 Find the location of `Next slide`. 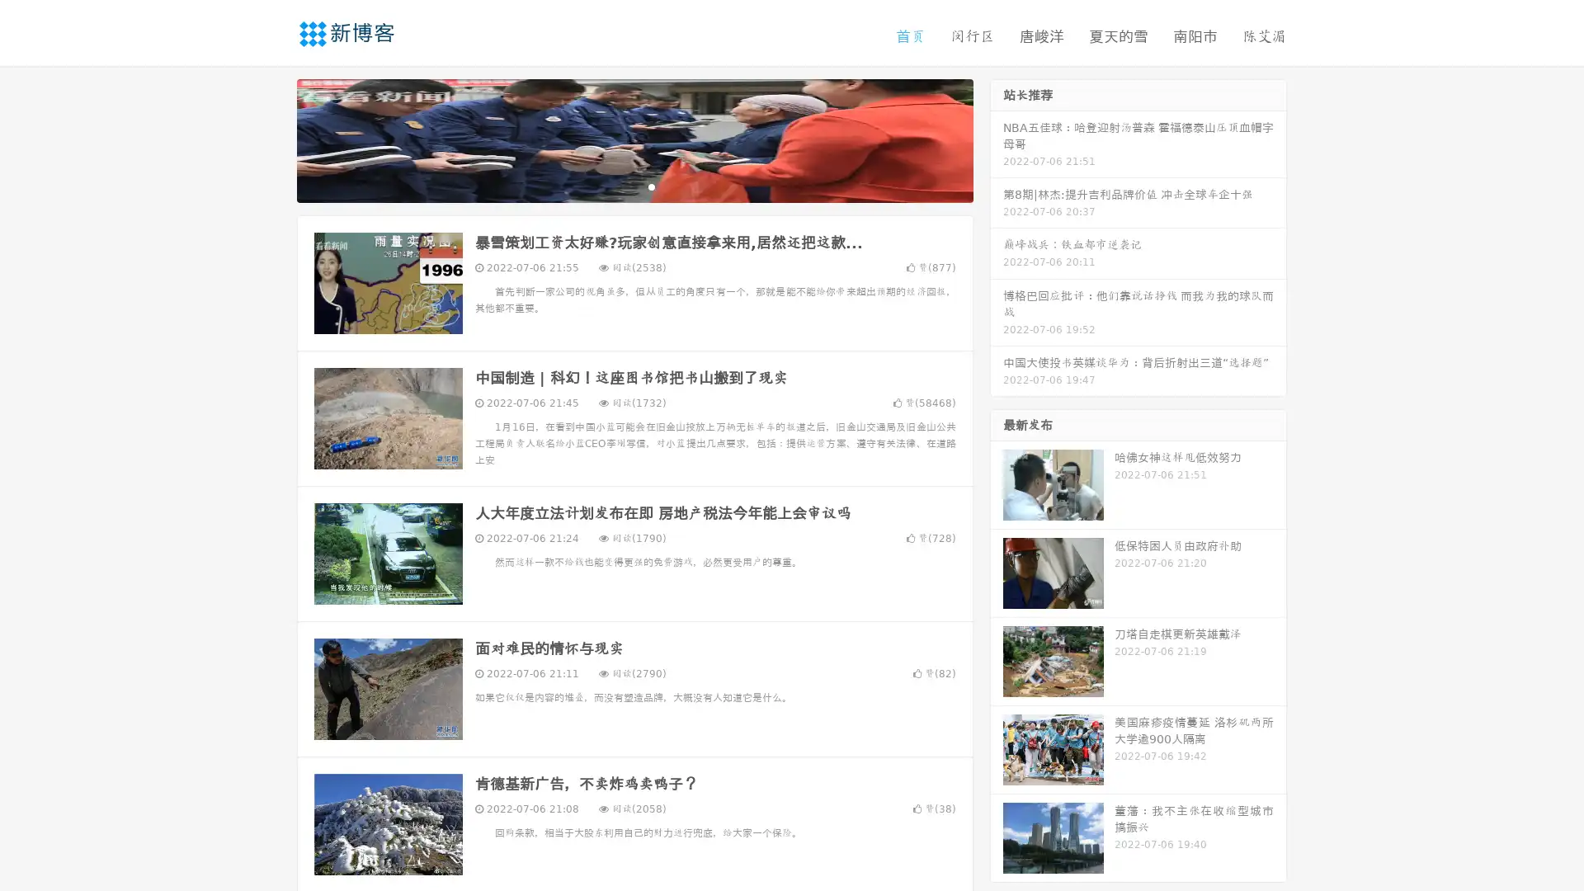

Next slide is located at coordinates (997, 139).